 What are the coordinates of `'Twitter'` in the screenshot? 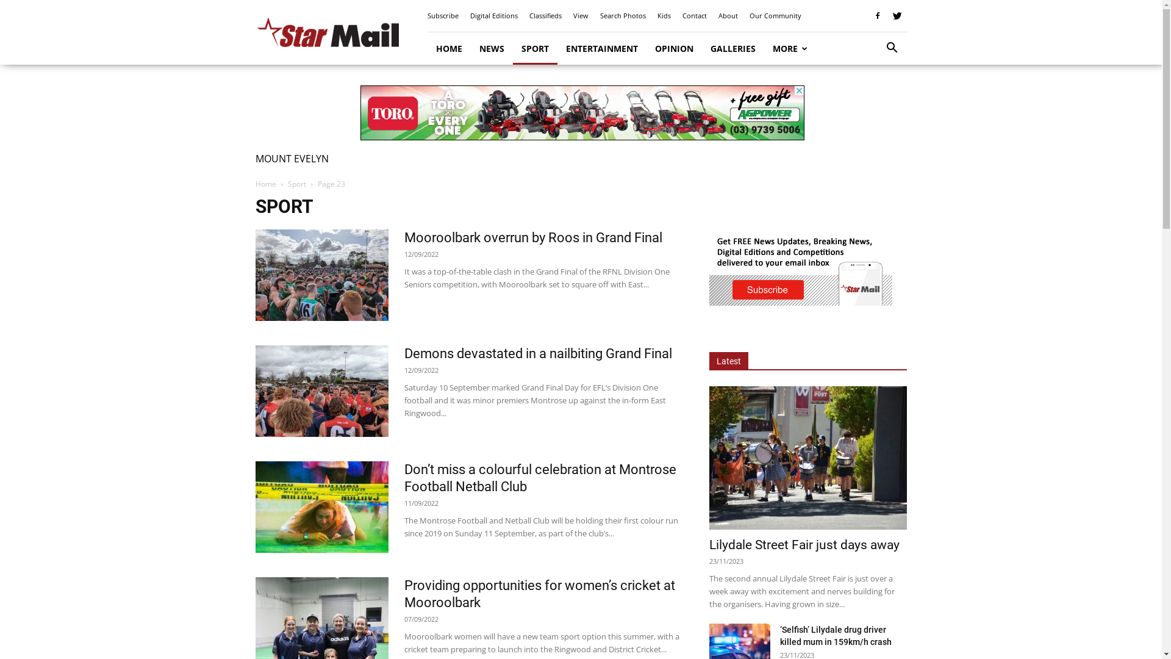 It's located at (897, 16).